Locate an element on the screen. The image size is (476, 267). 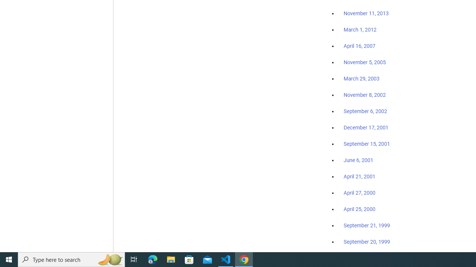
'April 21, 2001' is located at coordinates (360, 177).